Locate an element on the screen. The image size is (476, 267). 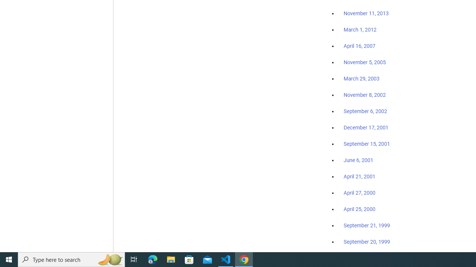
'April 21, 2001' is located at coordinates (360, 177).